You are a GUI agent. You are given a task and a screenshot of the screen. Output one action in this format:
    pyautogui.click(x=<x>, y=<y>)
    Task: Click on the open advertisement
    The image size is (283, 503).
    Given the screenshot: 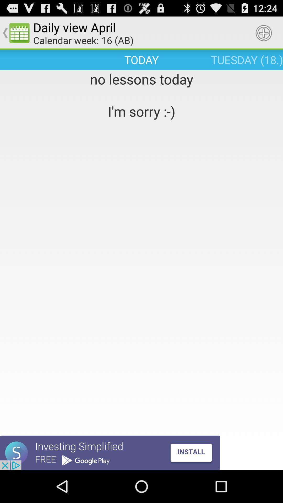 What is the action you would take?
    pyautogui.click(x=110, y=452)
    